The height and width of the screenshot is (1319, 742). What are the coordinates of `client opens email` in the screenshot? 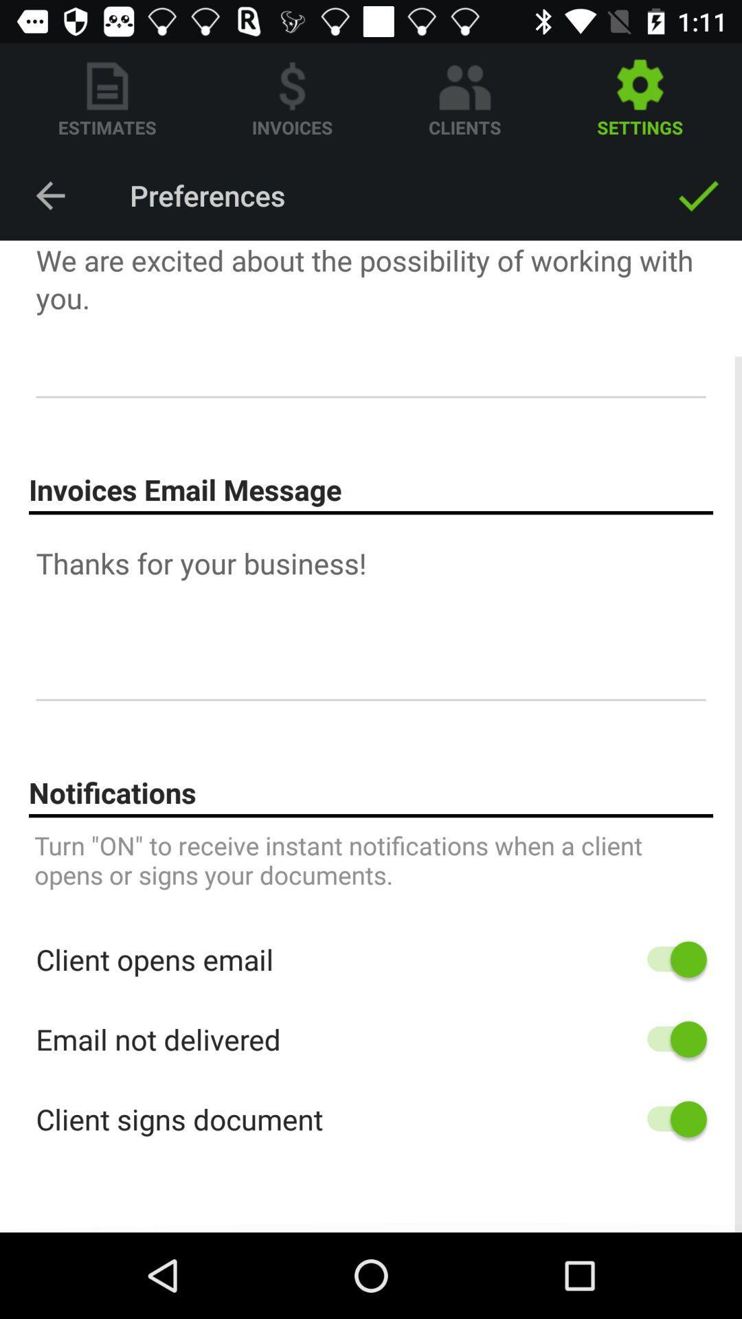 It's located at (669, 958).